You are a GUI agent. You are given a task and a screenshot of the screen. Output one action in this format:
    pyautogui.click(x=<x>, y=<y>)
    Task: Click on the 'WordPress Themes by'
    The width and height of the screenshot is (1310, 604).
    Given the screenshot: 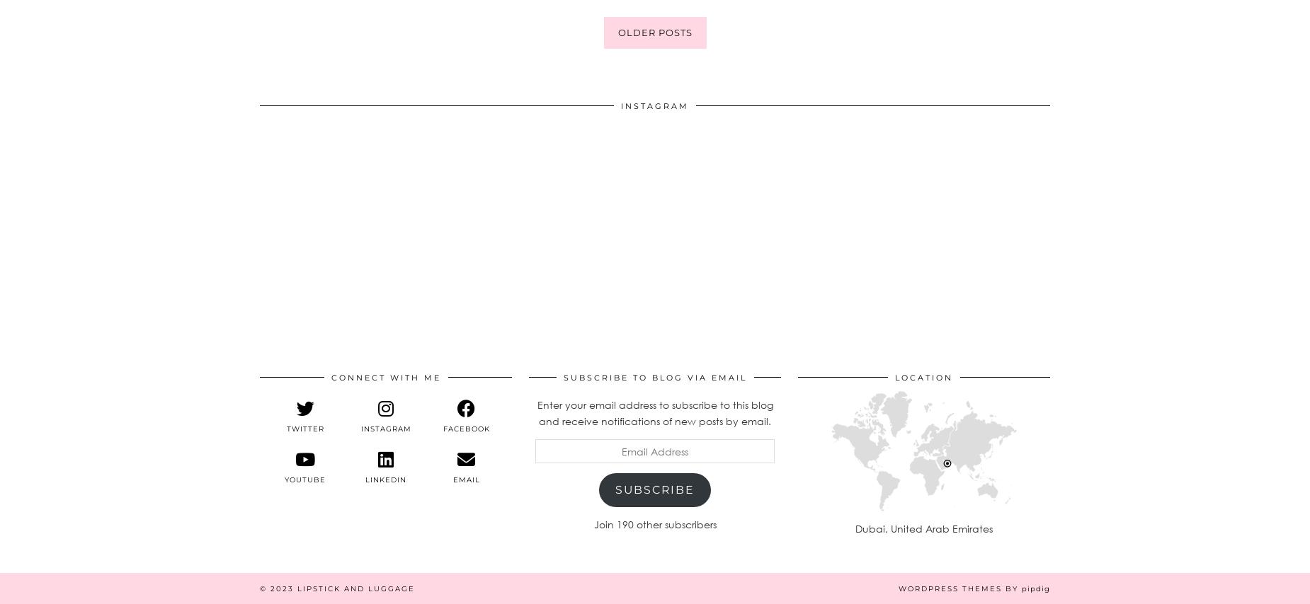 What is the action you would take?
    pyautogui.click(x=959, y=587)
    